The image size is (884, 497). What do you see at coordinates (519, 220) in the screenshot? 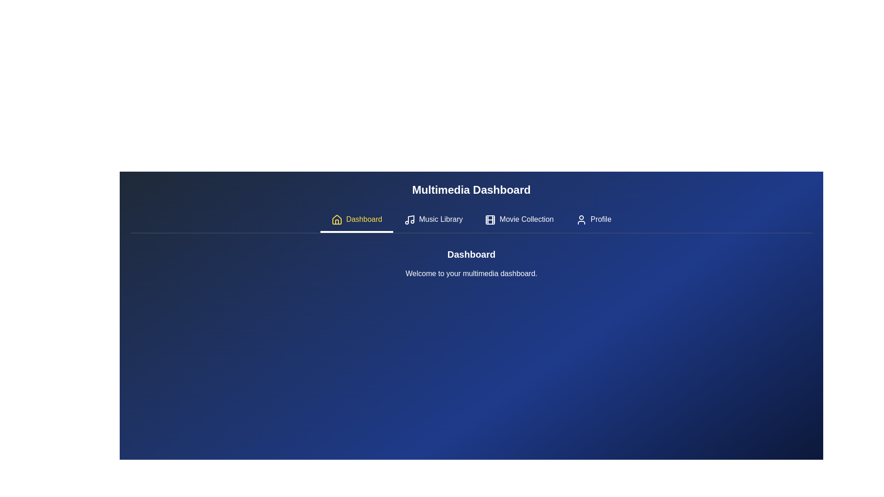
I see `the Movie Collection tab by clicking on its button` at bounding box center [519, 220].